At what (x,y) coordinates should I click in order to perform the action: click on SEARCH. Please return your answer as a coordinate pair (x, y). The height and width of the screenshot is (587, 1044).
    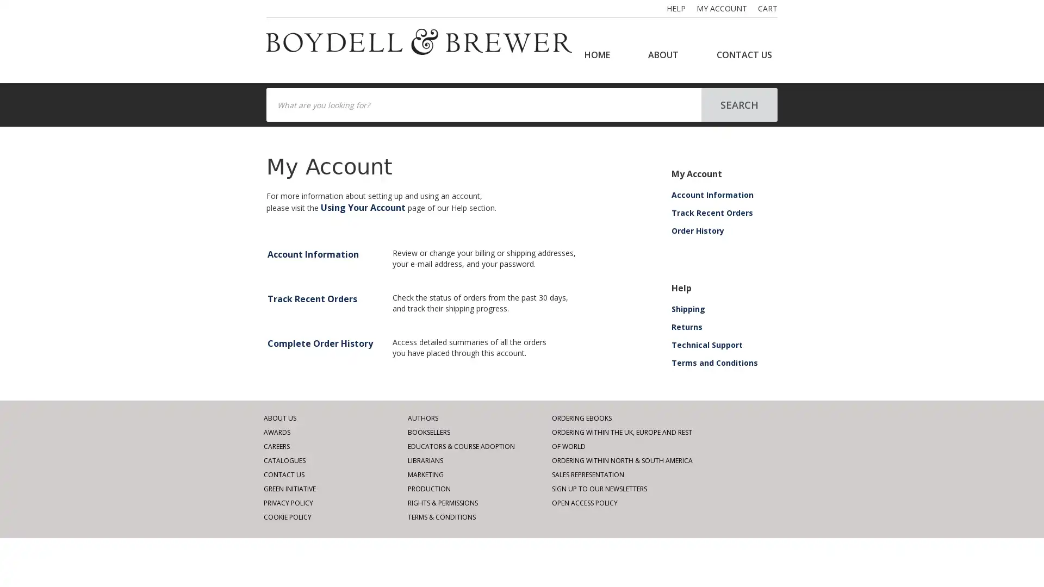
    Looking at the image, I should click on (739, 104).